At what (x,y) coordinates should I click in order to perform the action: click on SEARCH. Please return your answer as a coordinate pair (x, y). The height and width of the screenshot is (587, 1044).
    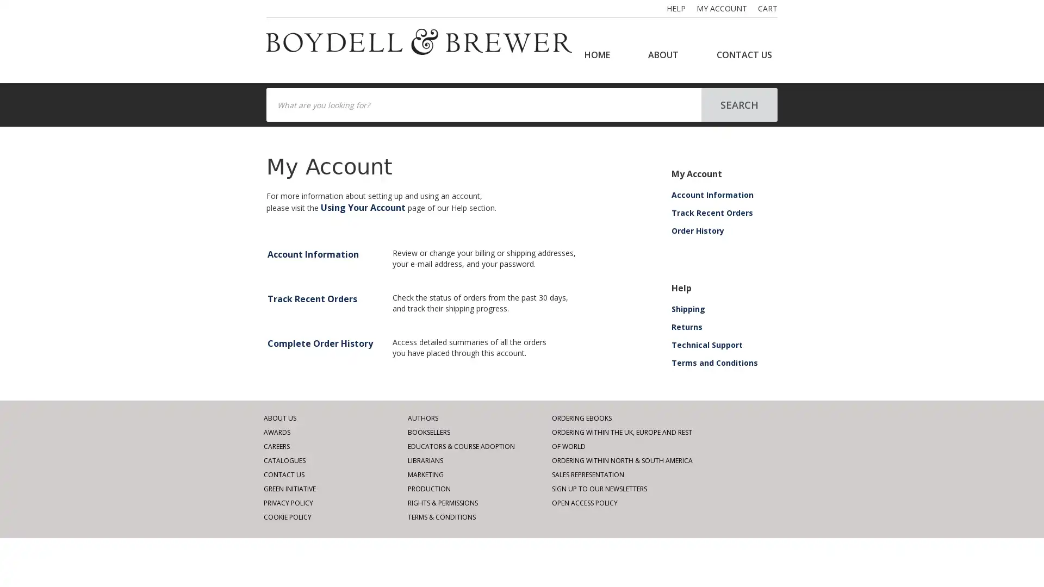
    Looking at the image, I should click on (739, 104).